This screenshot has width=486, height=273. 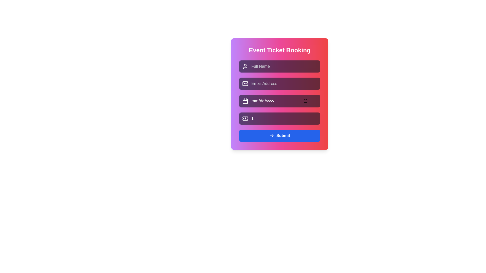 What do you see at coordinates (245, 83) in the screenshot?
I see `the mail icon styled as a line drawing of an envelope, which is positioned to the left of the 'Email Address' input field in the 'Event Ticket Booking' form` at bounding box center [245, 83].